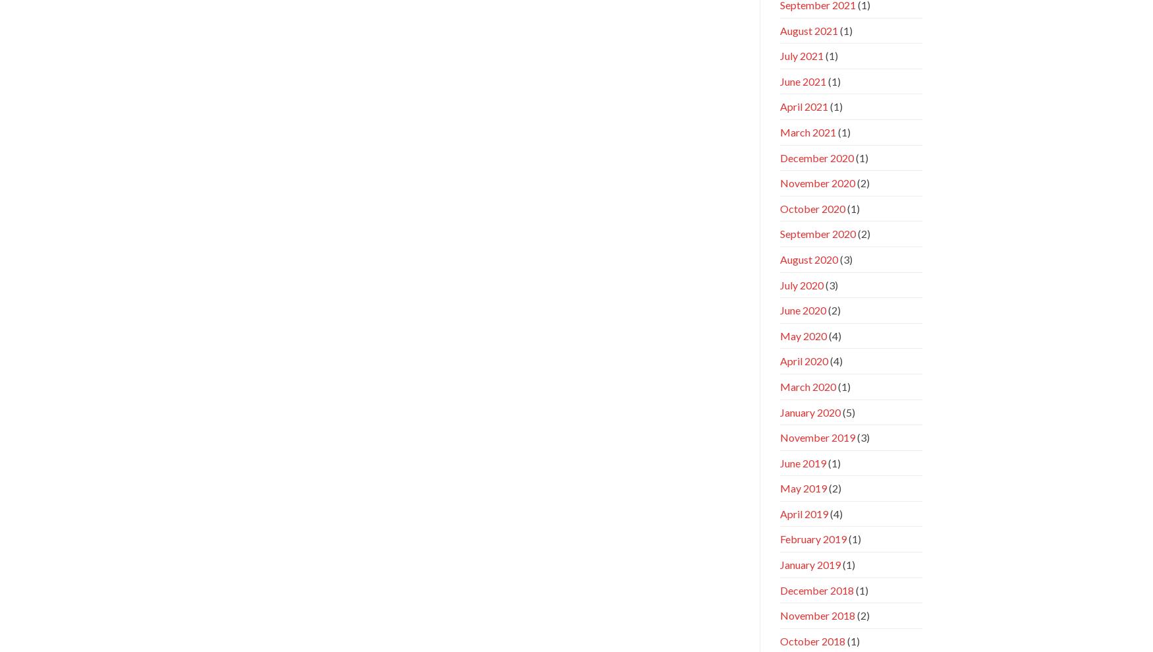 Image resolution: width=1153 pixels, height=652 pixels. I want to click on 'August 2020', so click(808, 258).